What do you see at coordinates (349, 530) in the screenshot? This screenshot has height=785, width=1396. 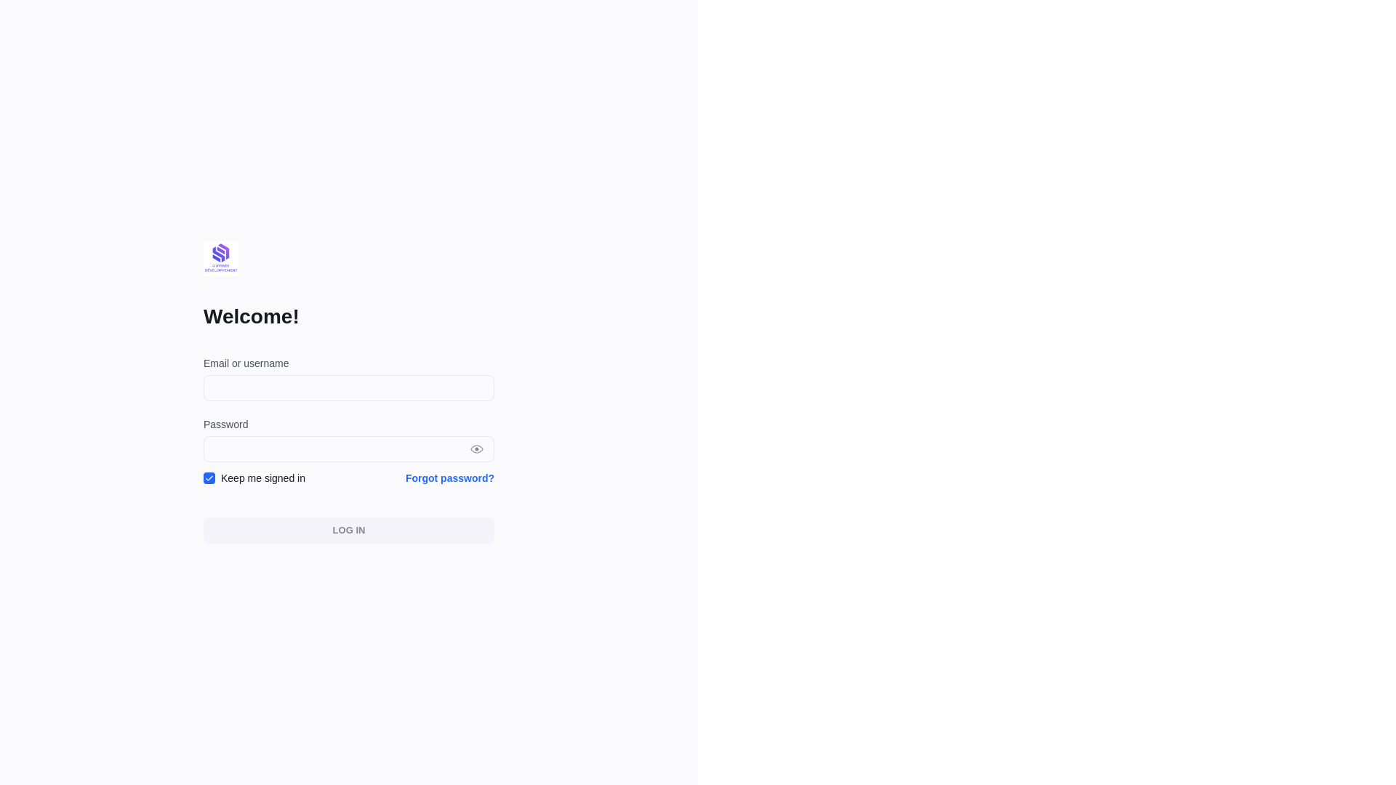 I see `'LOG IN'` at bounding box center [349, 530].